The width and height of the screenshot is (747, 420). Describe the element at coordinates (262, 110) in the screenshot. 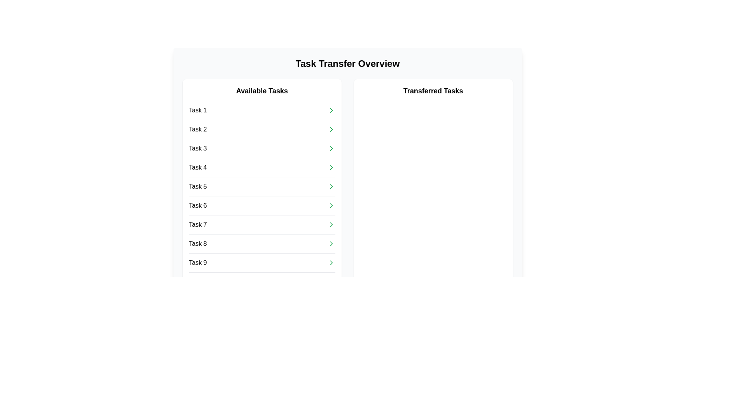

I see `the selectable task labeled 'Task 1' in the 'Available Tasks' section` at that location.